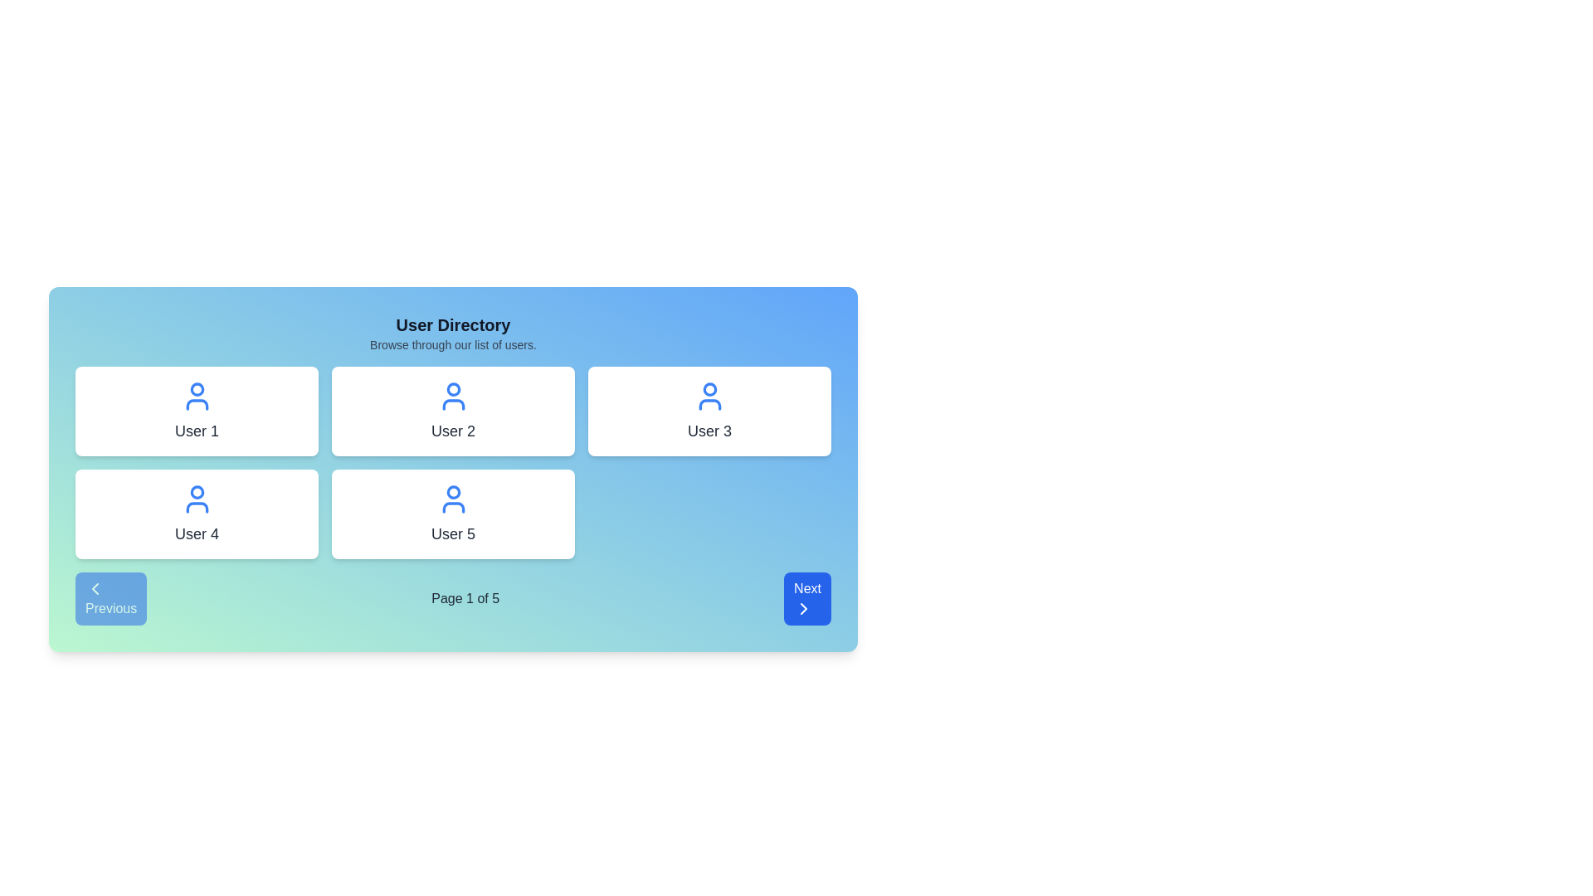 Image resolution: width=1593 pixels, height=896 pixels. What do you see at coordinates (453, 325) in the screenshot?
I see `the 'User Directory' text header, which is styled with bold, extra-large black font on a light blue gradient background, located at the top center of the User Directory section` at bounding box center [453, 325].